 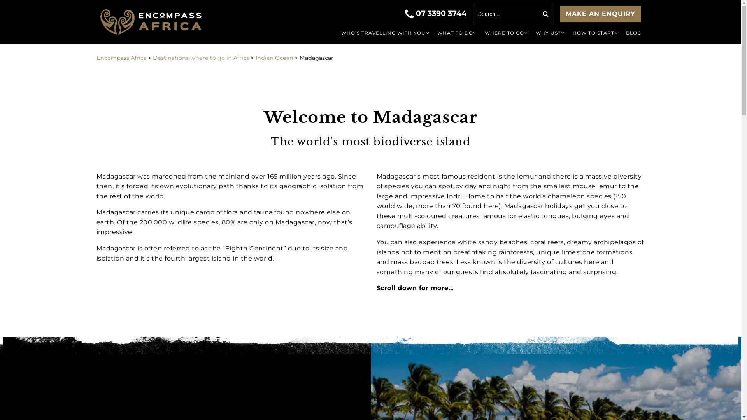 What do you see at coordinates (506, 32) in the screenshot?
I see `'WHERE TO GO'` at bounding box center [506, 32].